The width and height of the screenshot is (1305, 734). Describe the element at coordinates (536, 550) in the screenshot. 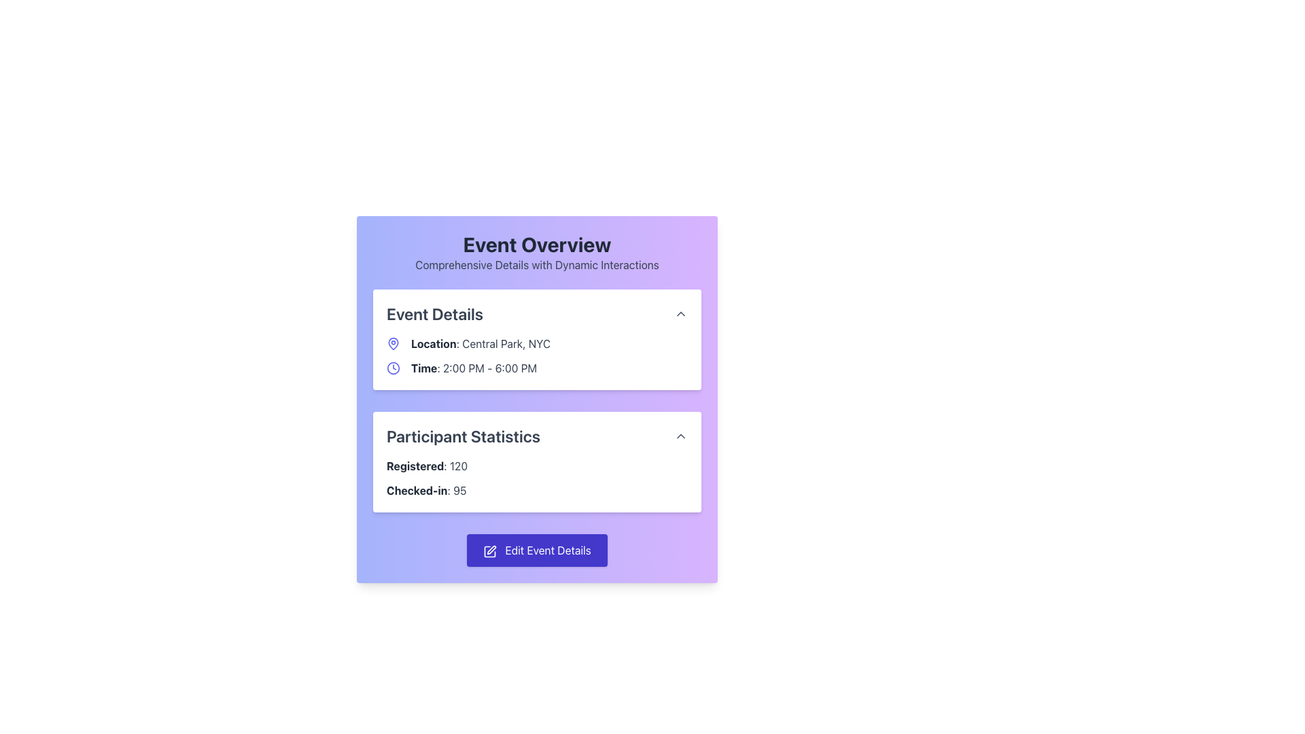

I see `the 'Edit Event Details' button, which has white text on a purple background and is located beneath the 'Participant Statistics' section` at that location.